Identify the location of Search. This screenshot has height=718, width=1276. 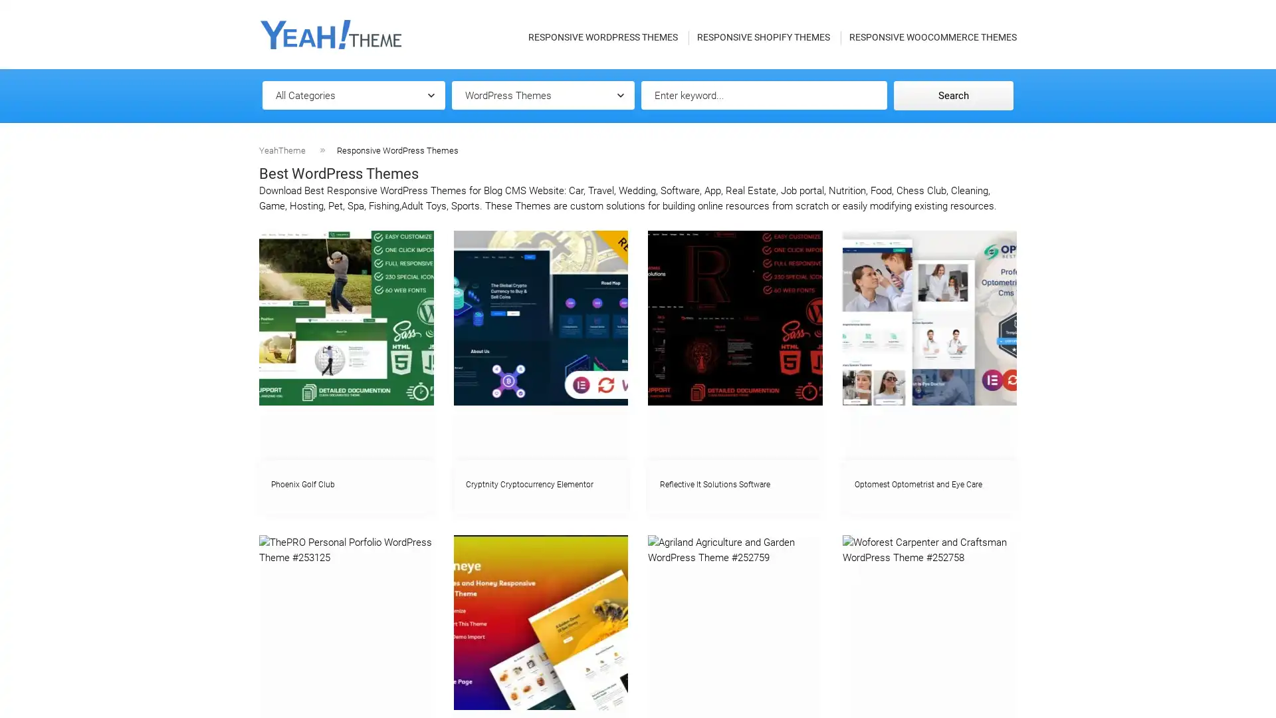
(953, 94).